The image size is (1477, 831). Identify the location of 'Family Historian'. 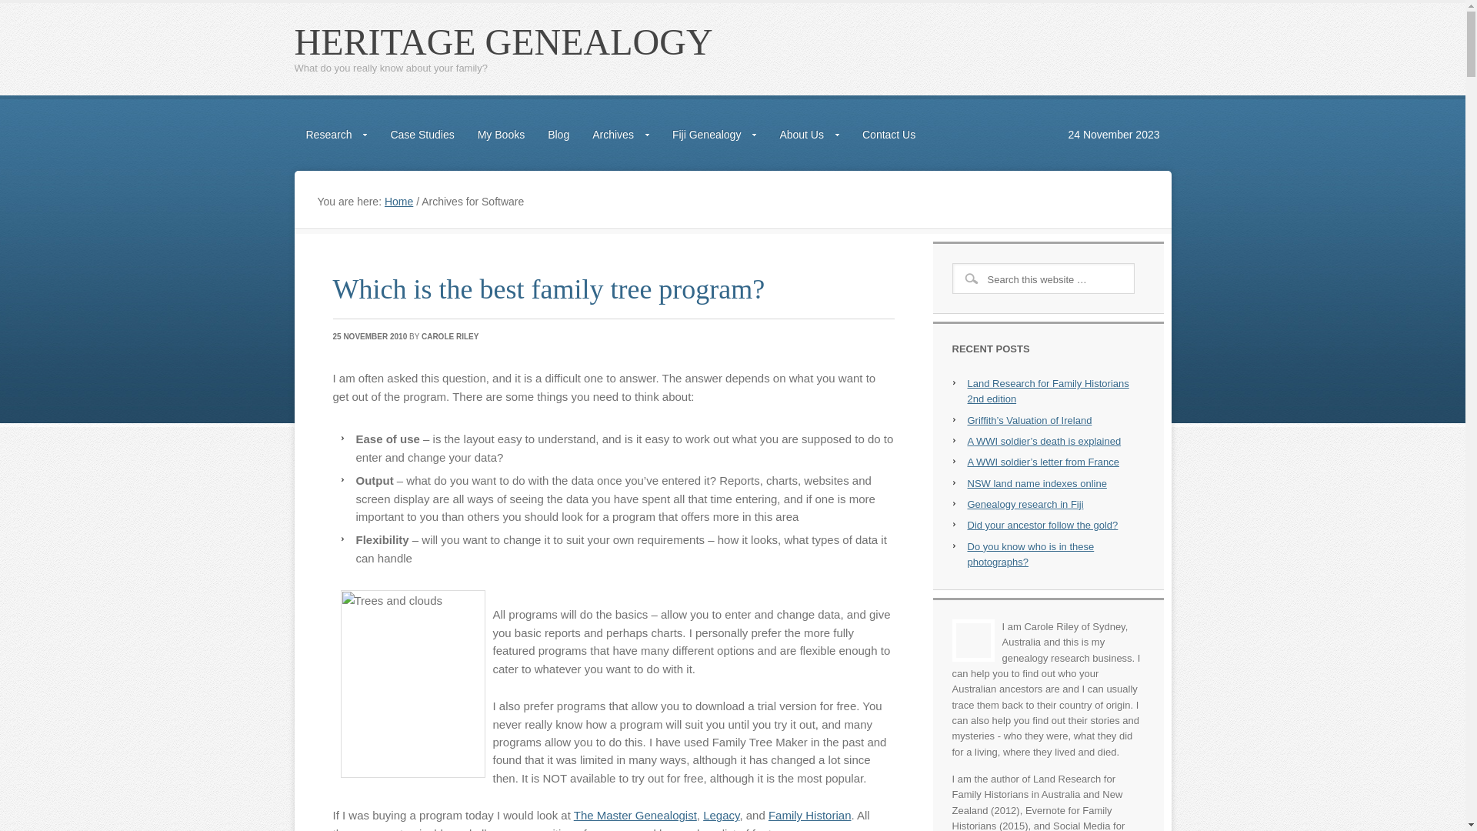
(809, 814).